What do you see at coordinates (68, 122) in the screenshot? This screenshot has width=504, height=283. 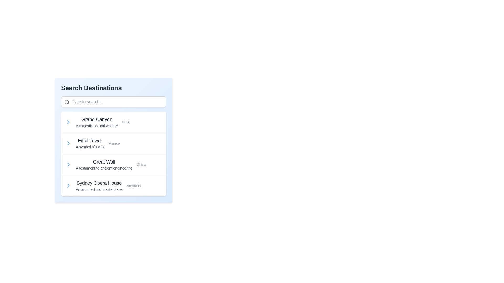 I see `the chevron icon located to the left of the text 'Grand Canyon'` at bounding box center [68, 122].